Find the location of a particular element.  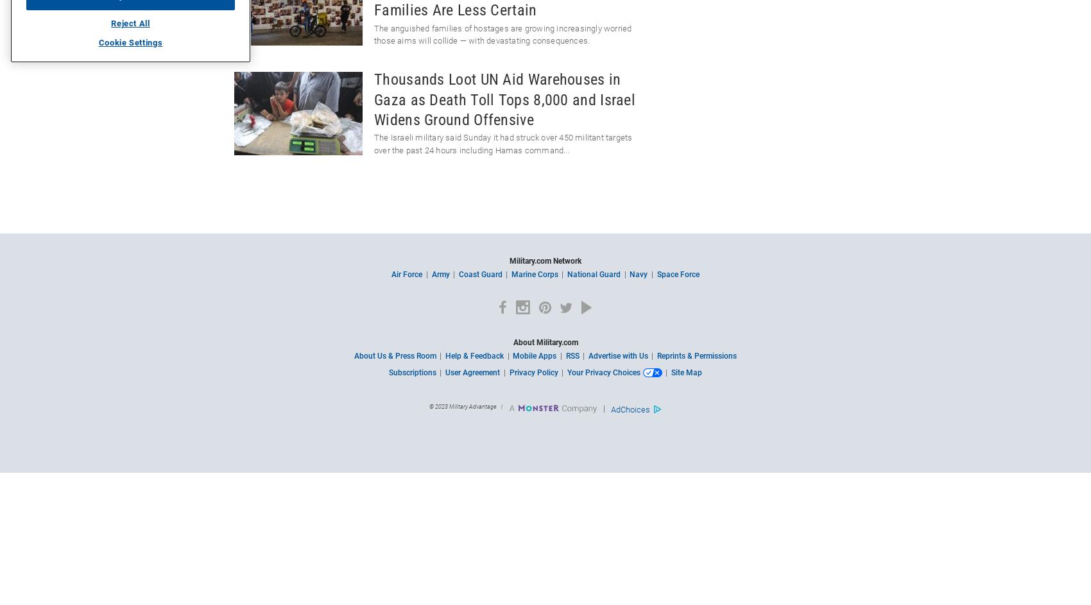

'National Guard' is located at coordinates (594, 275).